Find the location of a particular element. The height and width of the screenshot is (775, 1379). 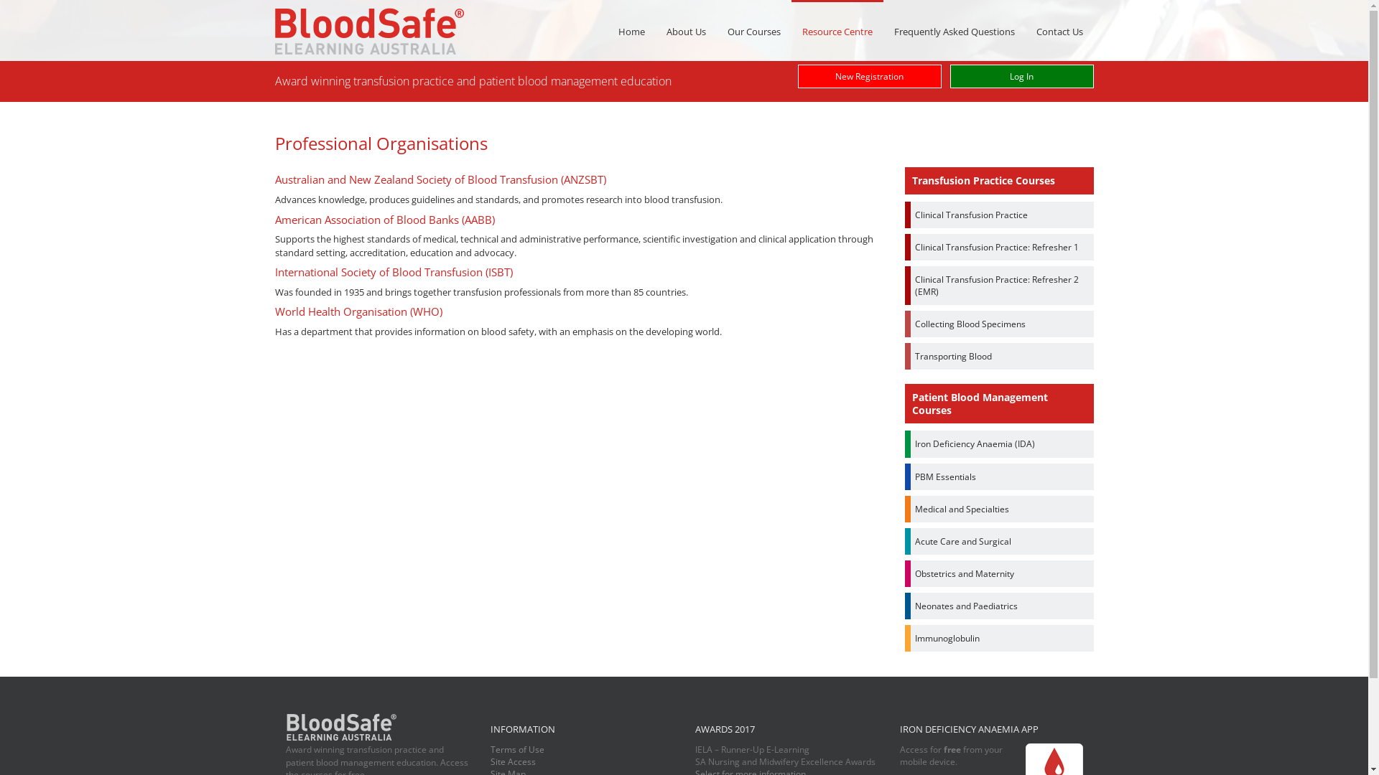

'World Health Organisation (WHO)' is located at coordinates (358, 311).